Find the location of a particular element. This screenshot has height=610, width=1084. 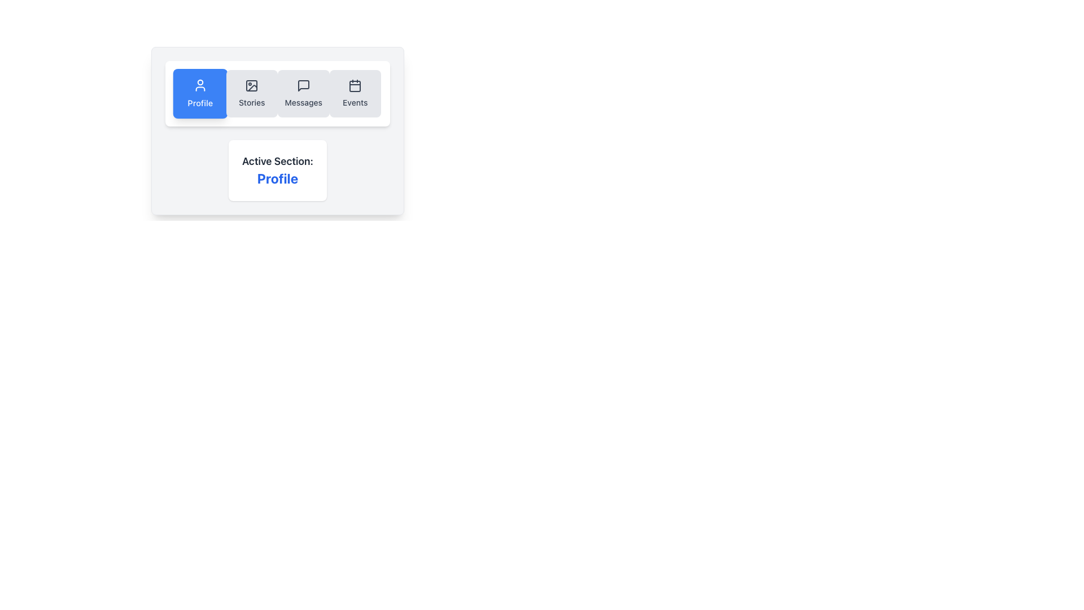

the text label that displays 'Active Section:' which indicates the context of the content below it is located at coordinates (277, 161).